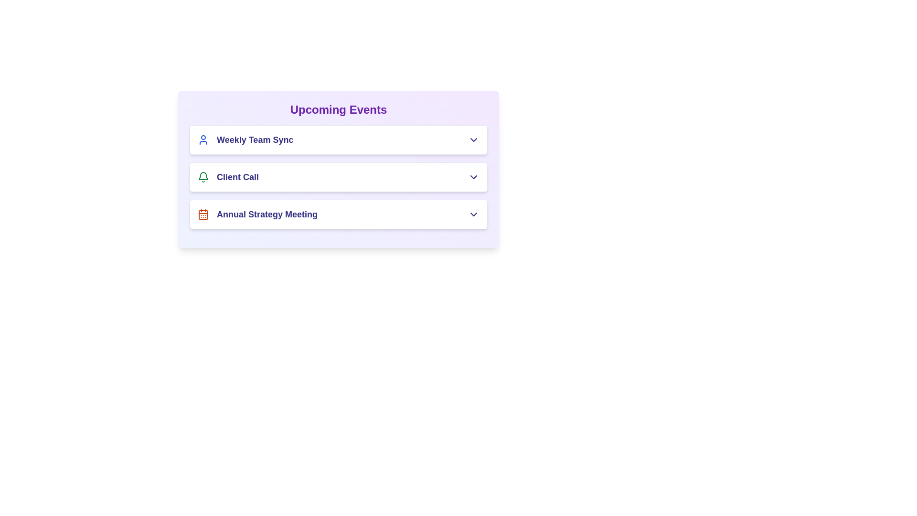  Describe the element at coordinates (245, 140) in the screenshot. I see `the list item labeled 'Weekly Team Sync' which contains a user silhouette icon and bold indigo text, positioned at the top of the 'Upcoming Events' section` at that location.